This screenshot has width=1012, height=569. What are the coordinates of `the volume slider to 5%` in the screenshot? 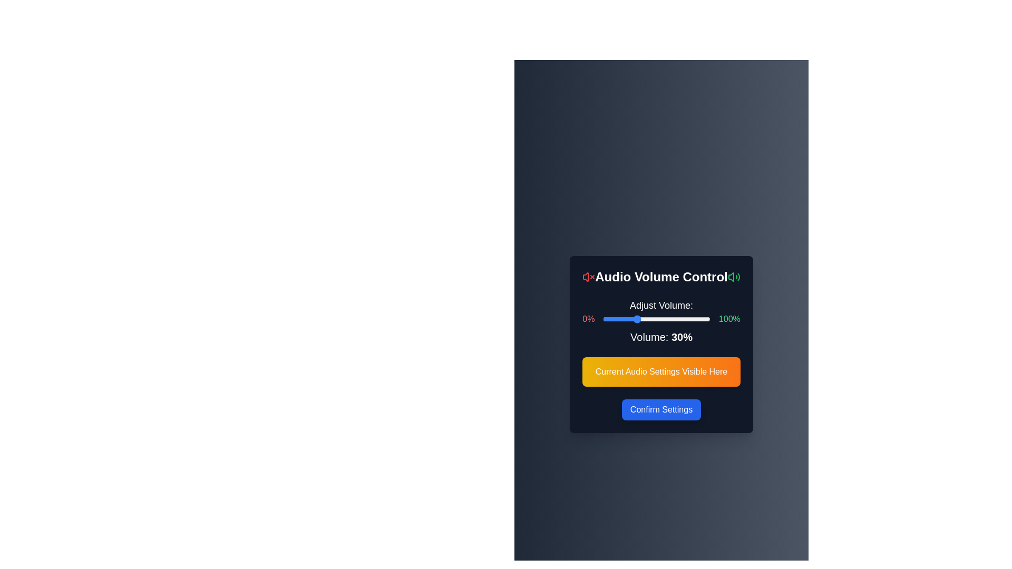 It's located at (608, 318).